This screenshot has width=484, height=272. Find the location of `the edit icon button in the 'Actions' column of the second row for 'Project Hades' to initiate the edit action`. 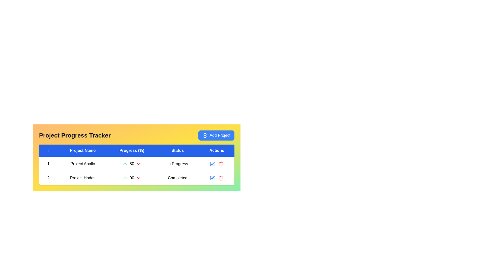

the edit icon button in the 'Actions' column of the second row for 'Project Hades' to initiate the edit action is located at coordinates (213, 177).